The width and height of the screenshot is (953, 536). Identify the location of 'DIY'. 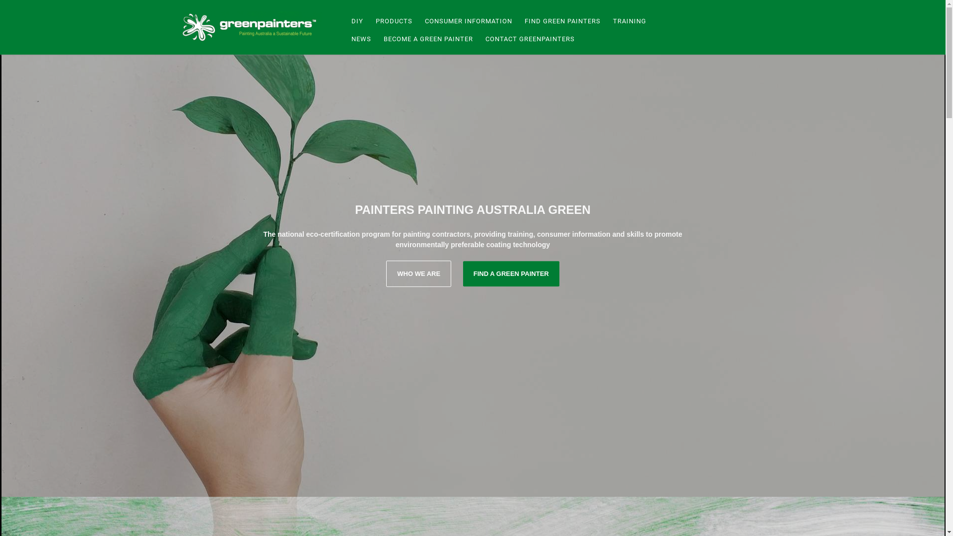
(355, 21).